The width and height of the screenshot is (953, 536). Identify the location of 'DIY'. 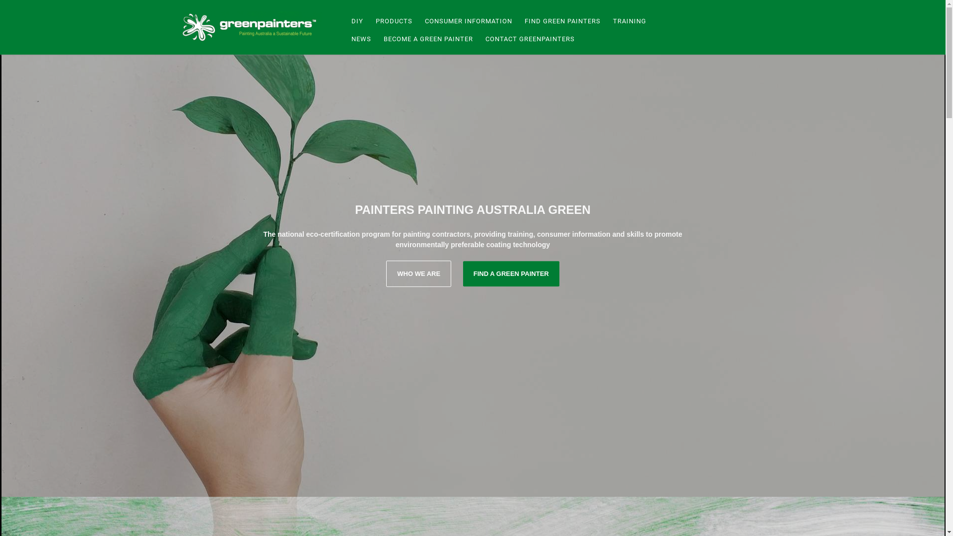
(355, 21).